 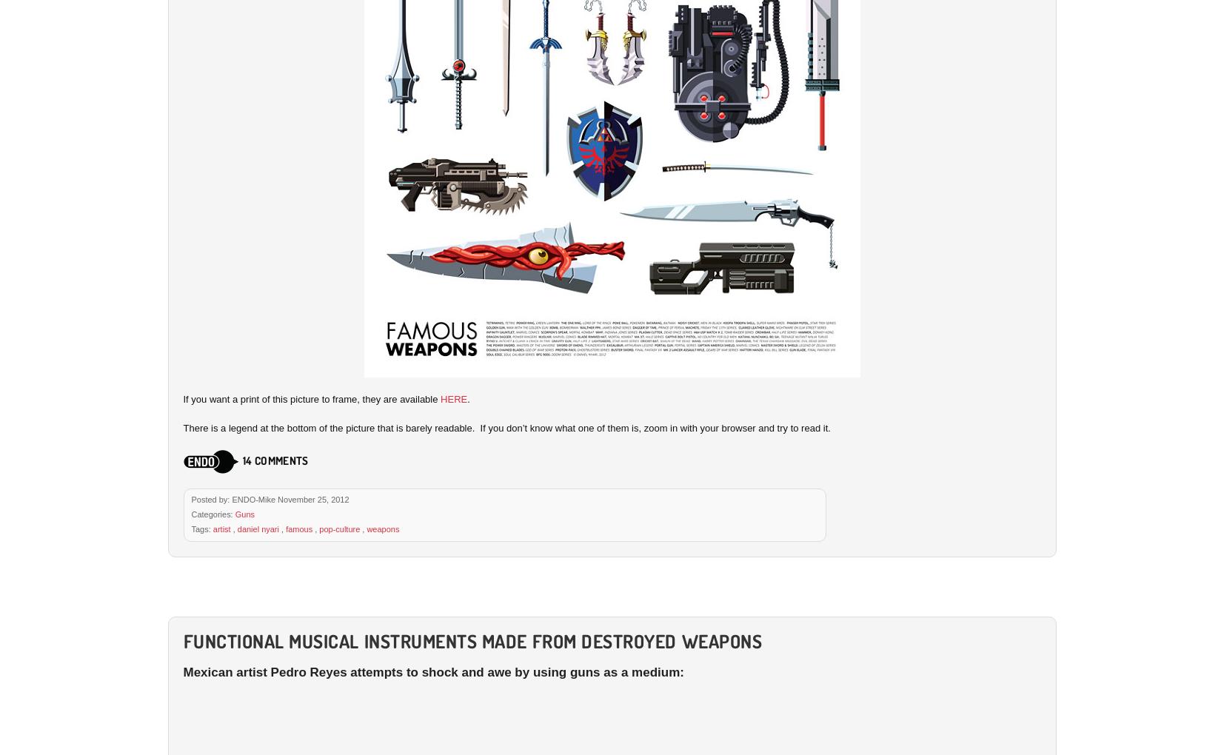 What do you see at coordinates (221, 528) in the screenshot?
I see `'artist'` at bounding box center [221, 528].